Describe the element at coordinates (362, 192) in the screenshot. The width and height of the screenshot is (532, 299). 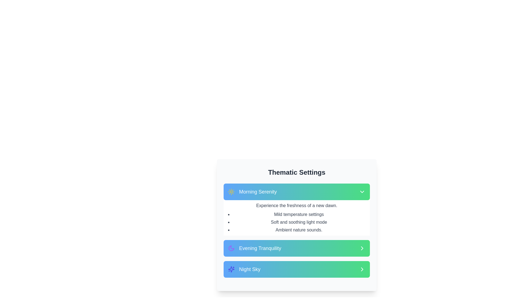
I see `the expandability icon on the right side of the 'Morning Serenity' section` at that location.